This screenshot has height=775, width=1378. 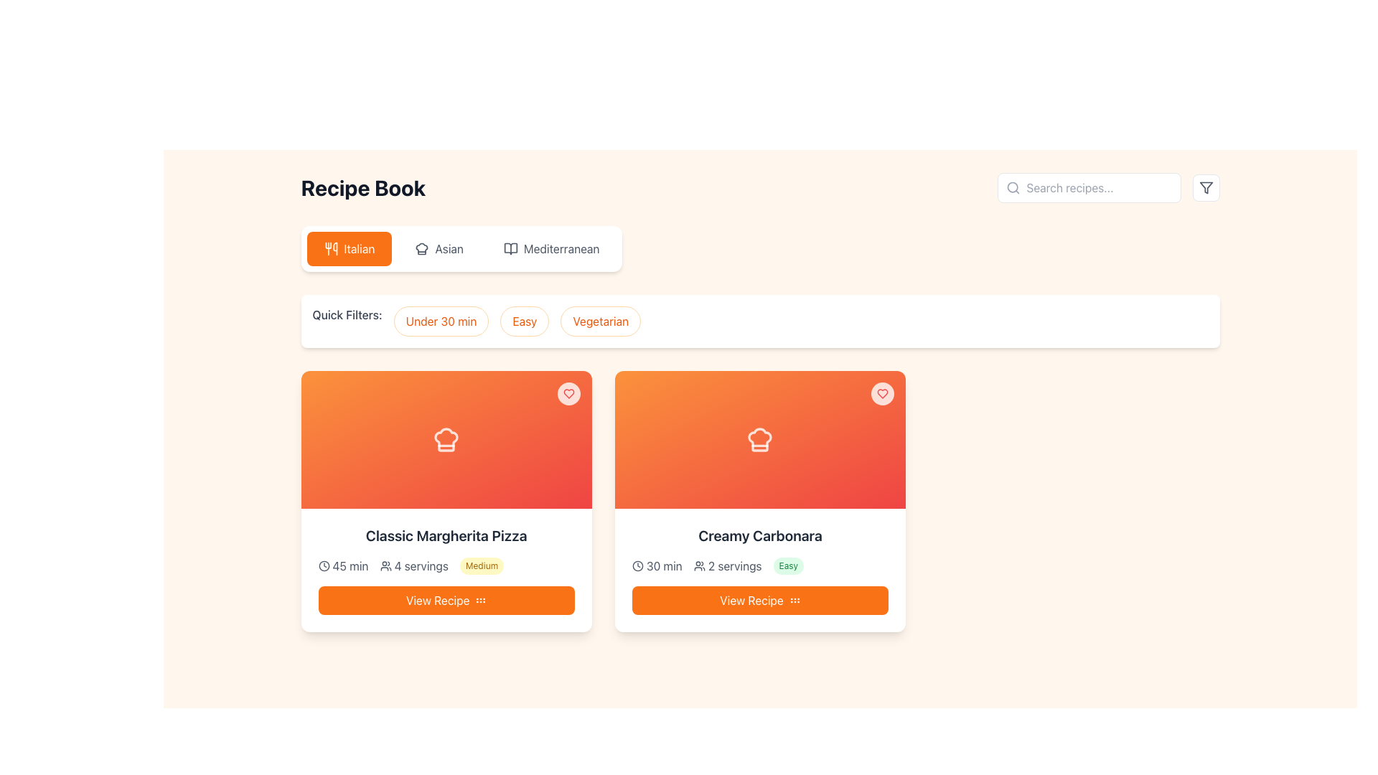 I want to click on the 'Easy' button, so click(x=524, y=320).